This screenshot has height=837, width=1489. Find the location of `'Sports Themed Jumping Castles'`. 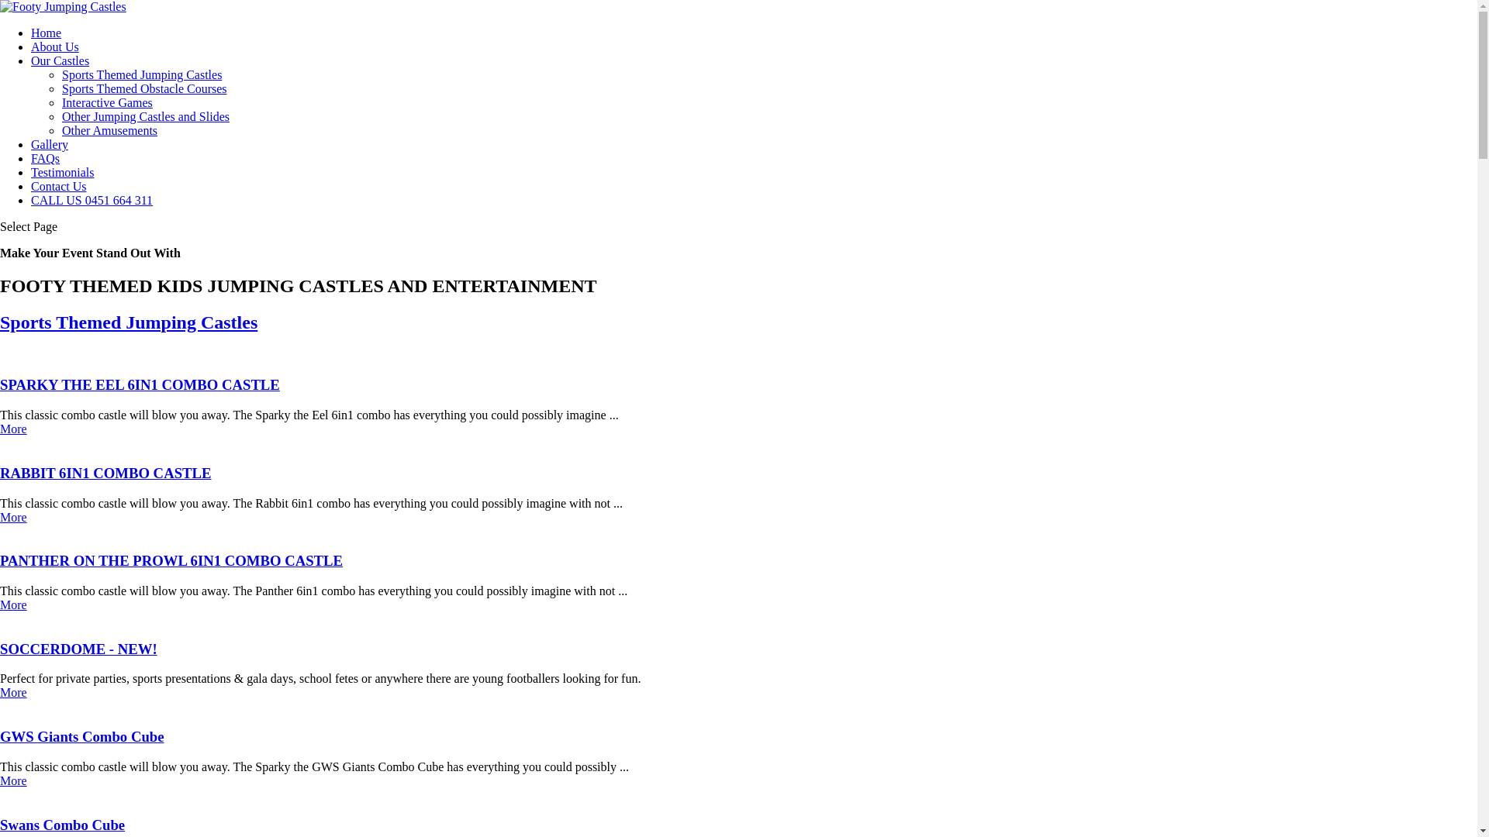

'Sports Themed Jumping Castles' is located at coordinates (141, 74).